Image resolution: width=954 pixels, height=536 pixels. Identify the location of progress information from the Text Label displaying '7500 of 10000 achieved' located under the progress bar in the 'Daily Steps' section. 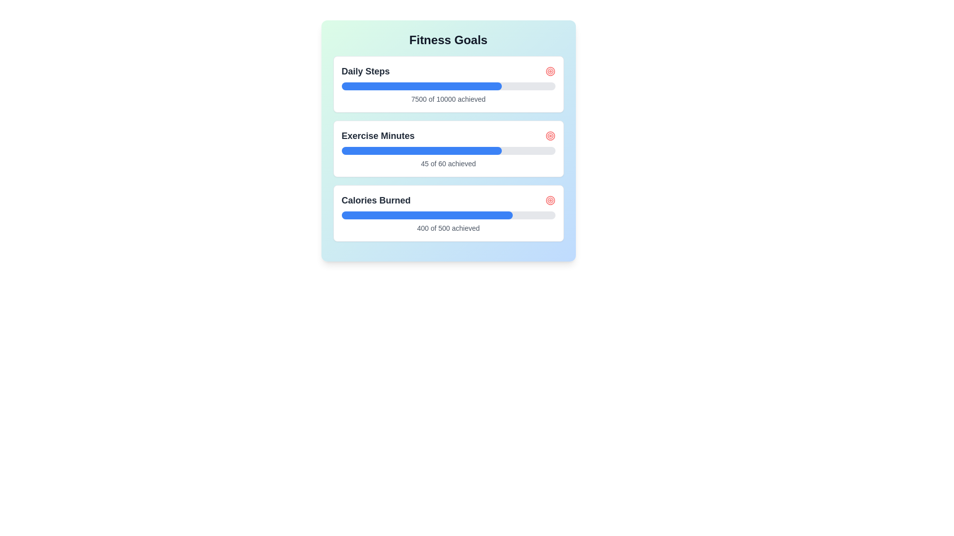
(448, 99).